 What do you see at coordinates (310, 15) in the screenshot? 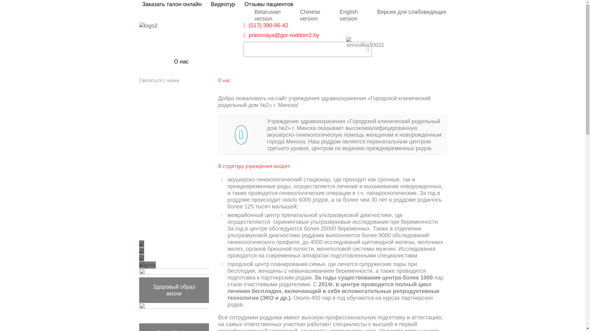
I see `'Chinese version'` at bounding box center [310, 15].